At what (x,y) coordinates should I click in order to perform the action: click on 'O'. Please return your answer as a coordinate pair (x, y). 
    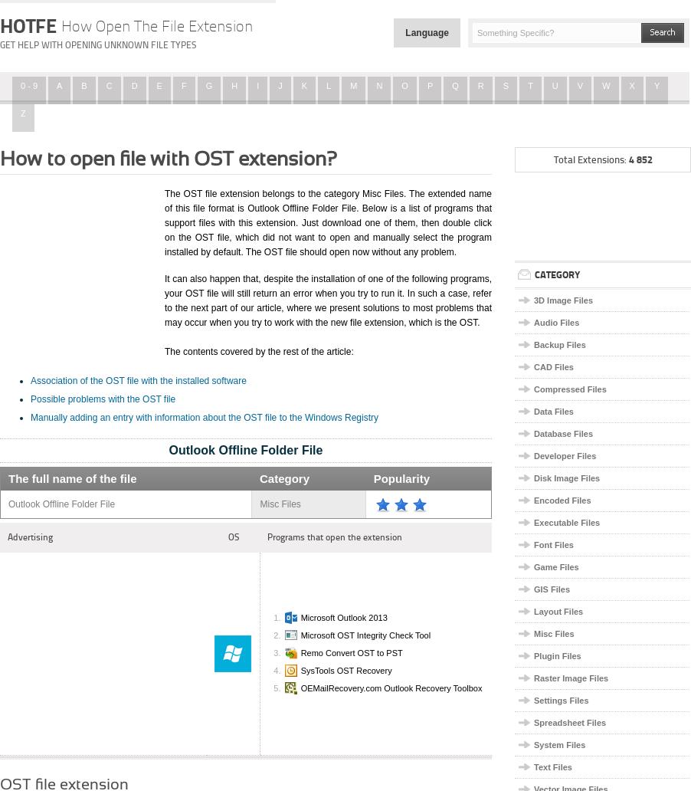
    Looking at the image, I should click on (400, 85).